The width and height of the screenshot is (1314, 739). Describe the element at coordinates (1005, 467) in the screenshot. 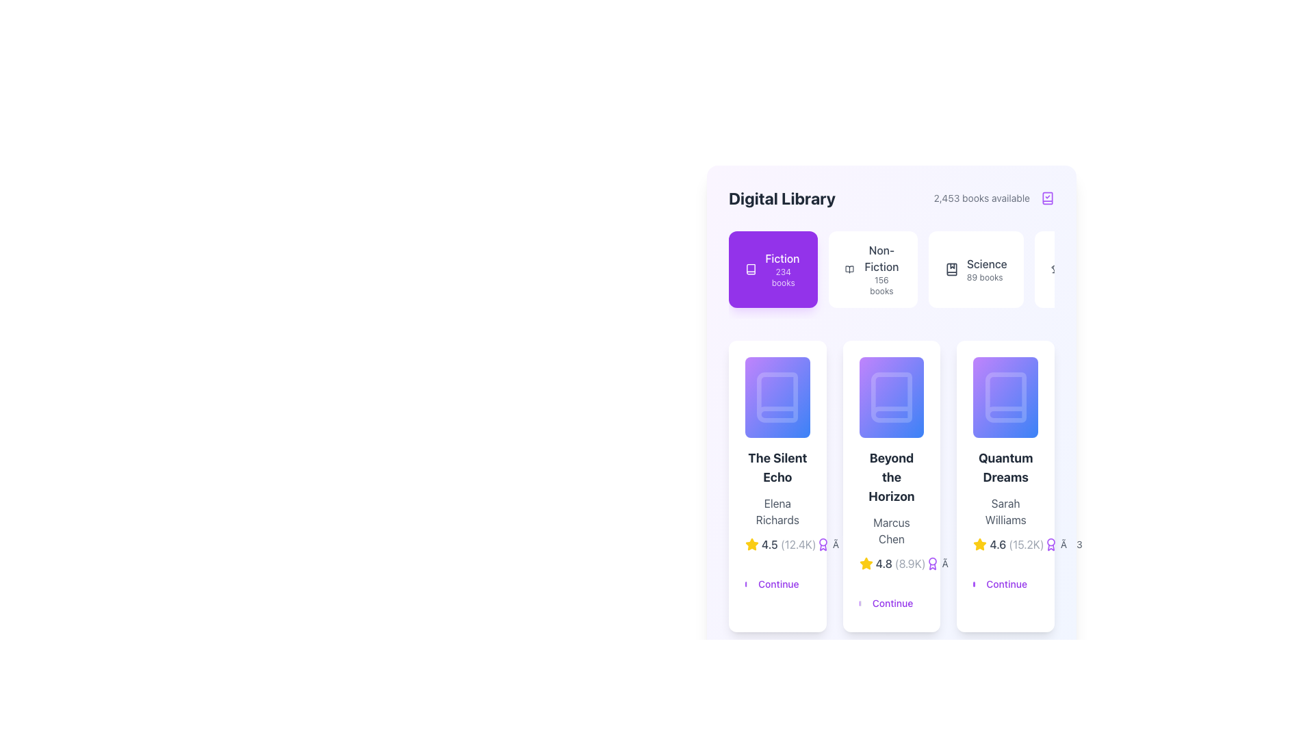

I see `the text label that serves as a title for the book 'Quantum Dreams' in the third card under the 'Fiction' tab of the 'Digital Library' interface` at that location.